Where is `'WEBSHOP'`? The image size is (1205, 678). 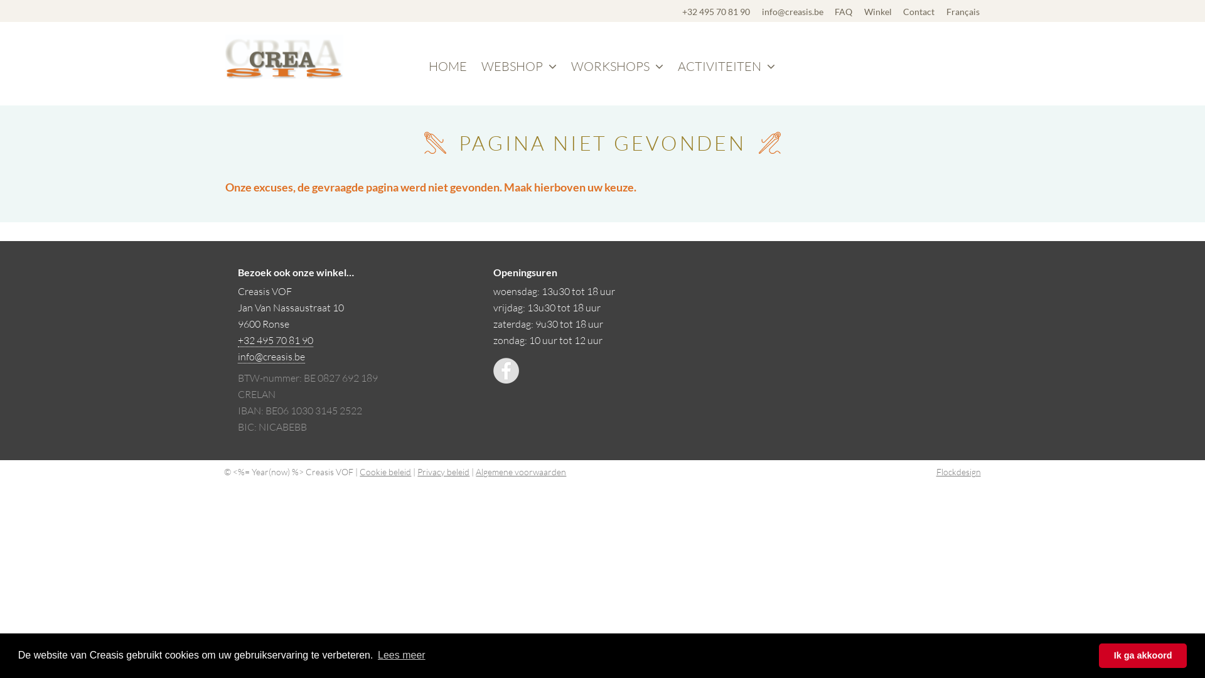
'WEBSHOP' is located at coordinates (518, 66).